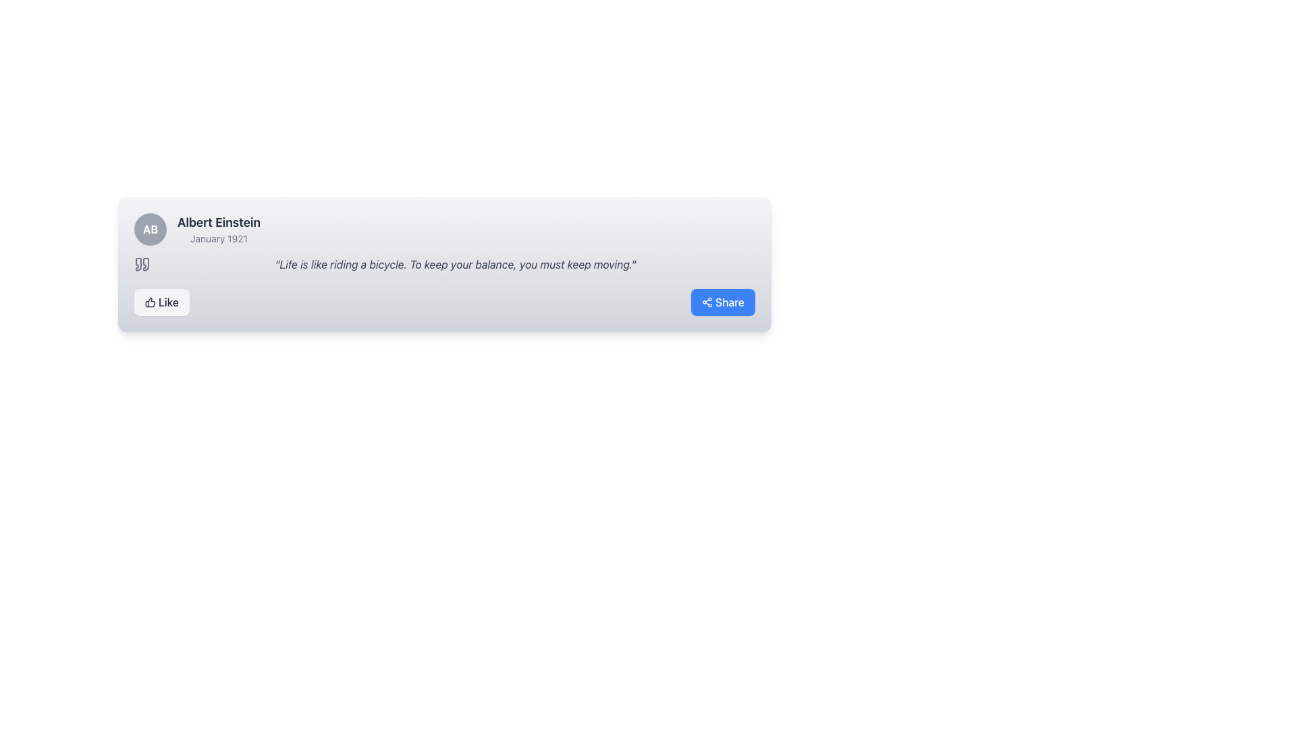 This screenshot has height=729, width=1296. What do you see at coordinates (706, 301) in the screenshot?
I see `the 'Share' SVG icon located within the blue button at the bottom right of the quote box` at bounding box center [706, 301].